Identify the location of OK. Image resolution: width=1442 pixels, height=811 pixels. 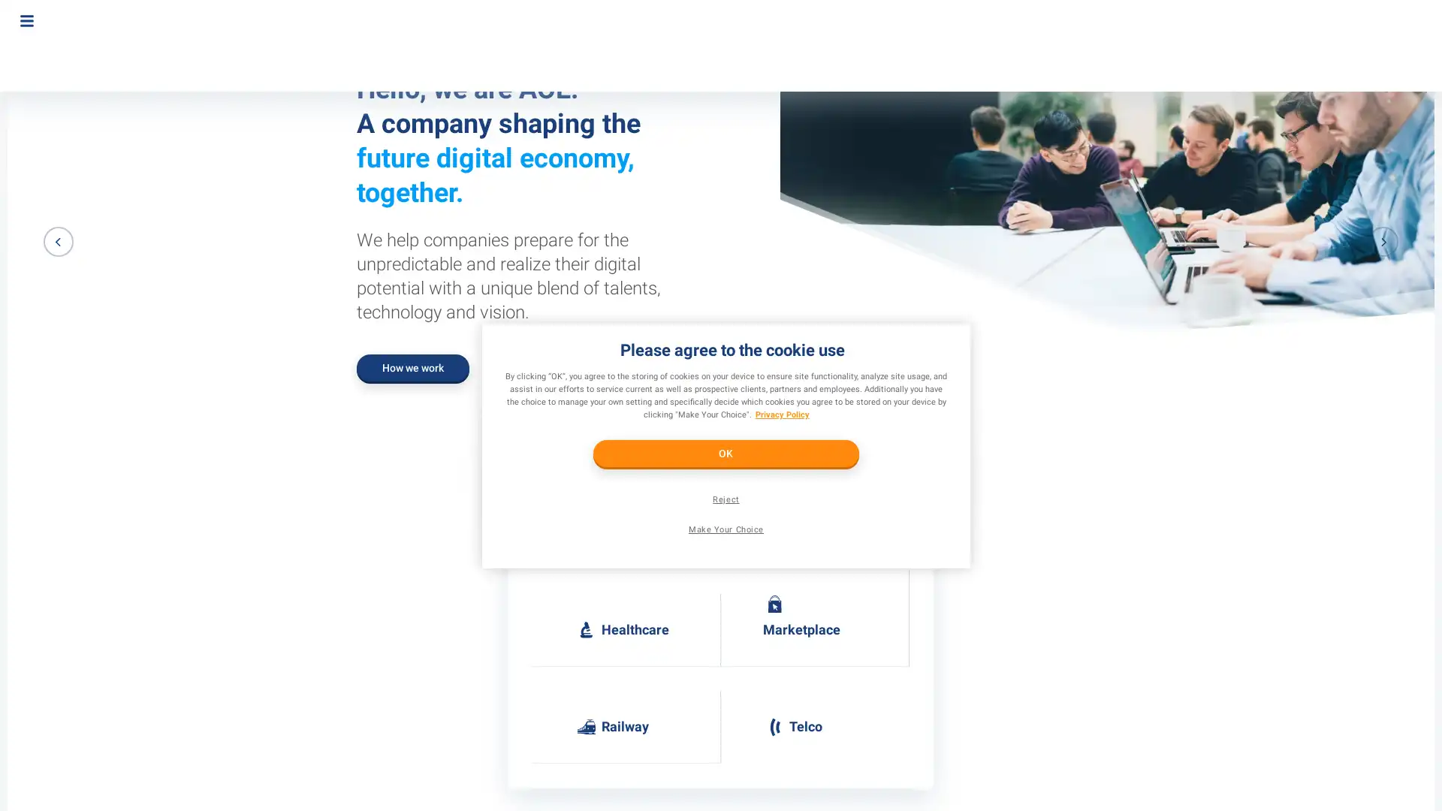
(726, 453).